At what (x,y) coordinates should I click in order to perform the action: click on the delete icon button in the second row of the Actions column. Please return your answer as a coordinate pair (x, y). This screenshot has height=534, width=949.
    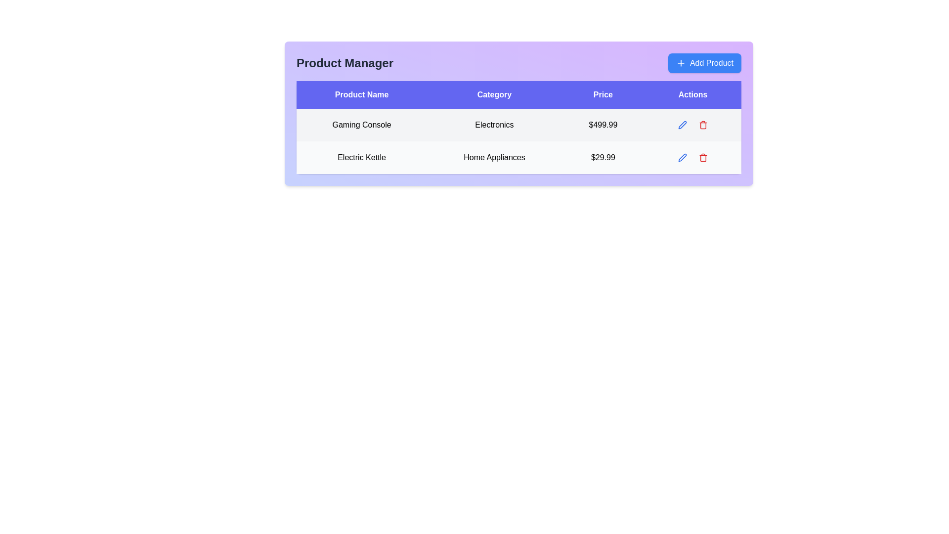
    Looking at the image, I should click on (703, 157).